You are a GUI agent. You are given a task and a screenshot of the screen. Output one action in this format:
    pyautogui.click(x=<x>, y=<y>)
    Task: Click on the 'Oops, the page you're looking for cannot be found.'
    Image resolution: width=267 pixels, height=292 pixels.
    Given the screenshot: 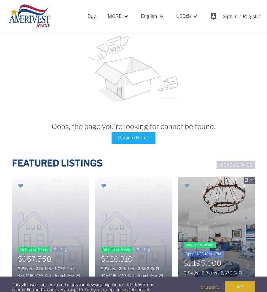 What is the action you would take?
    pyautogui.click(x=133, y=126)
    